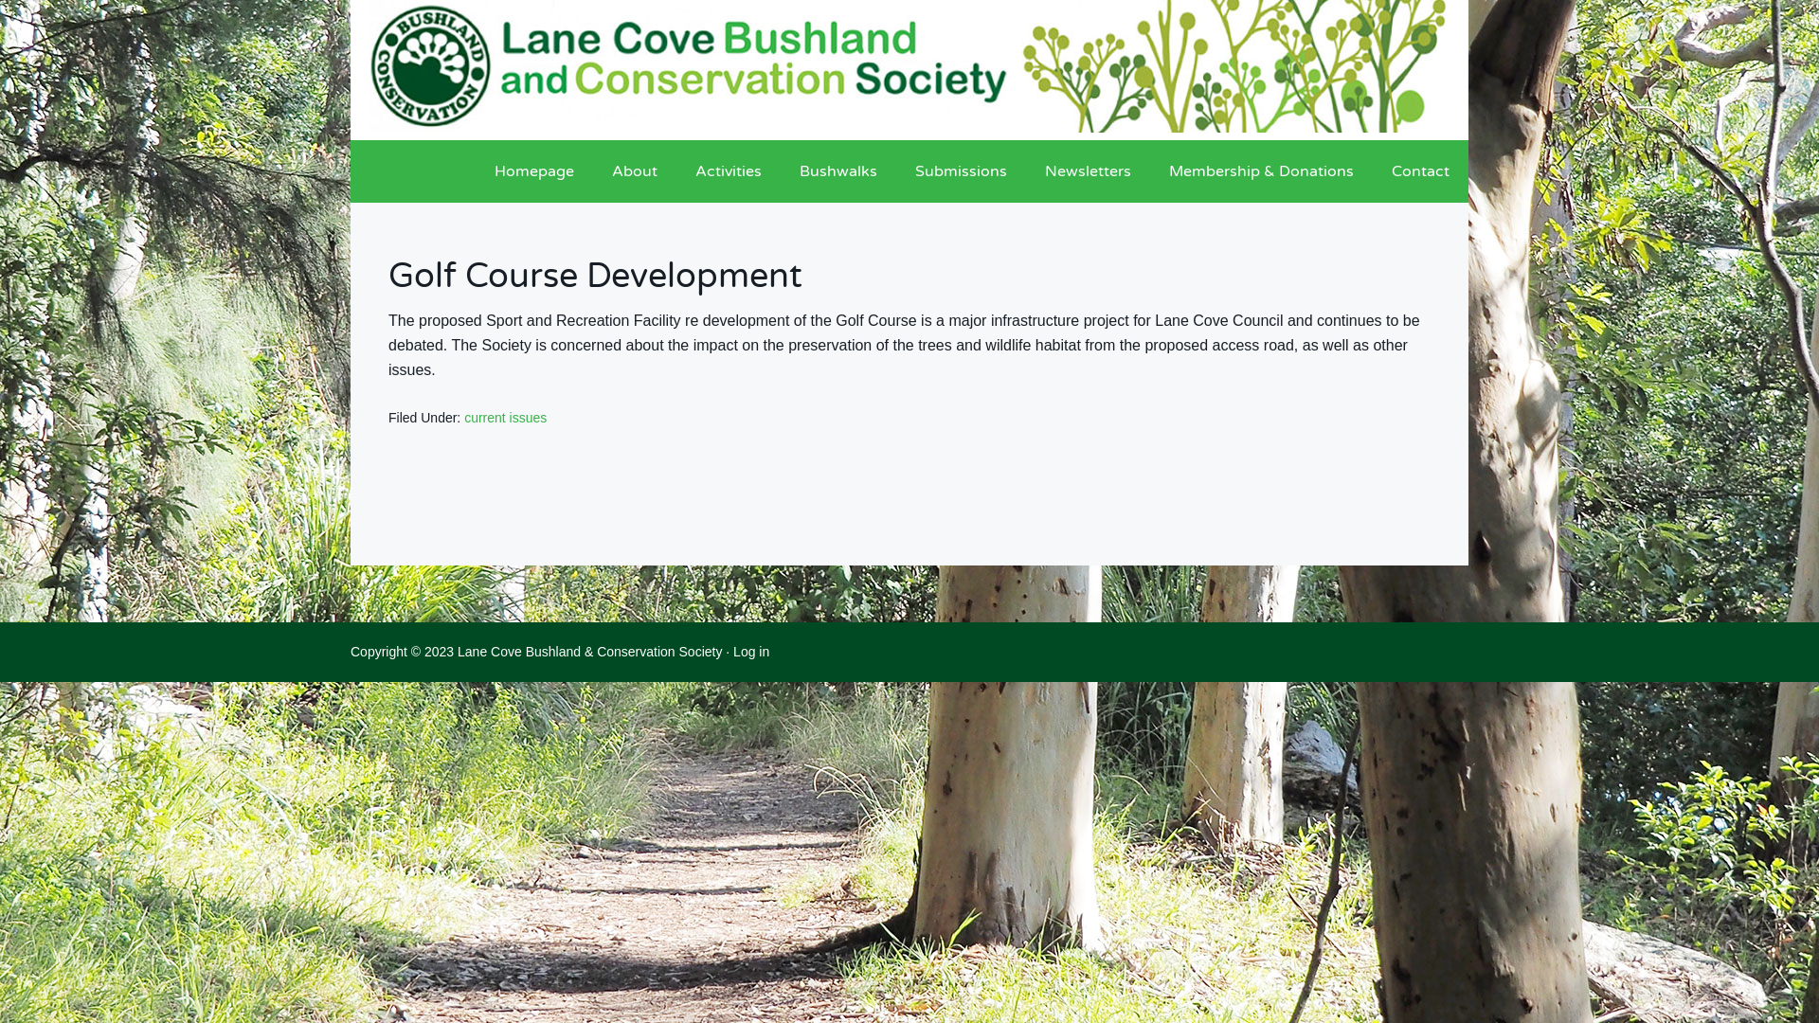 This screenshot has height=1023, width=1819. Describe the element at coordinates (1420, 171) in the screenshot. I see `'Contact'` at that location.